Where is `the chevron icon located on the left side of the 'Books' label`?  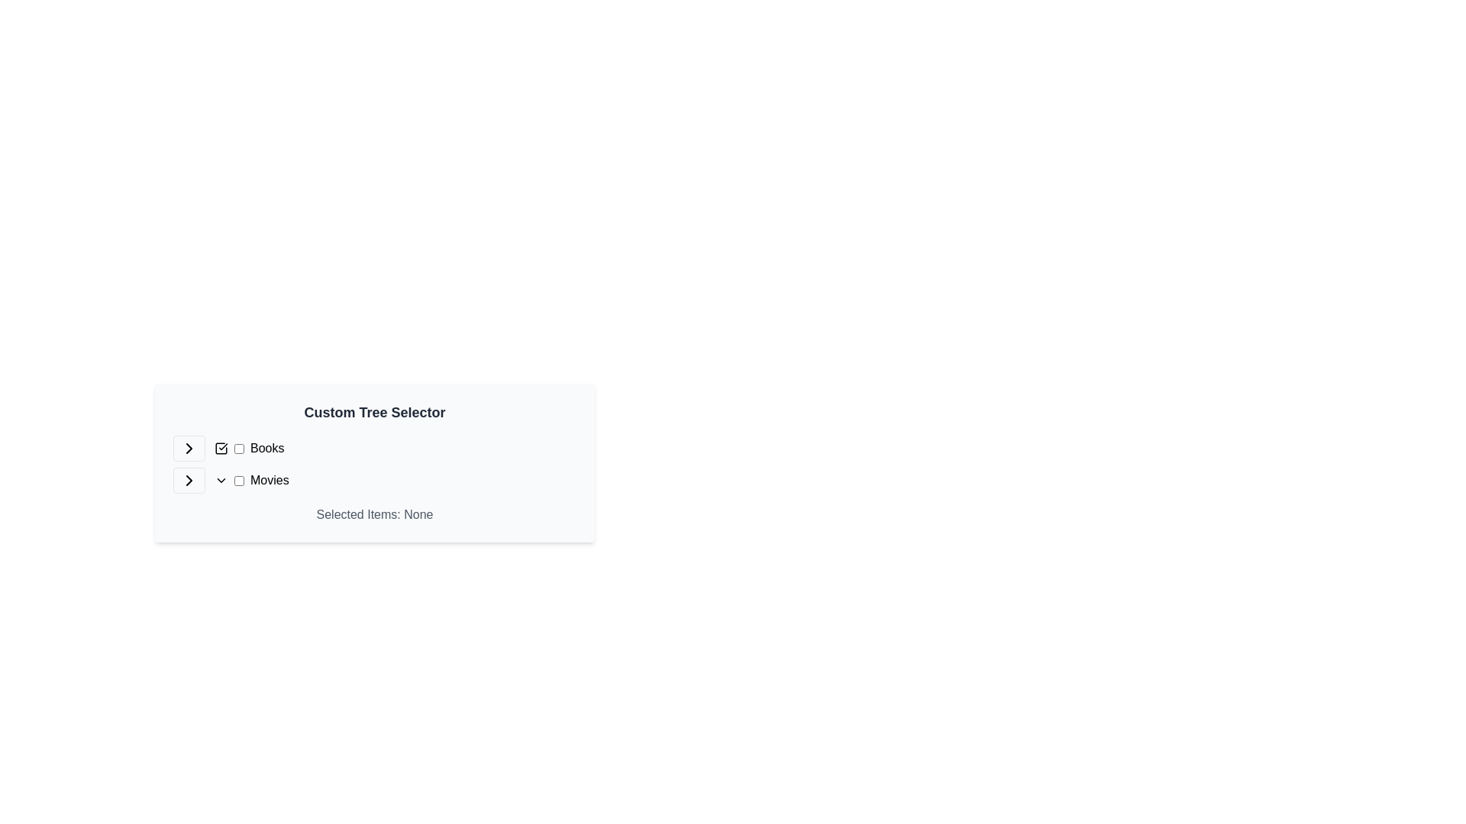
the chevron icon located on the left side of the 'Books' label is located at coordinates (189, 447).